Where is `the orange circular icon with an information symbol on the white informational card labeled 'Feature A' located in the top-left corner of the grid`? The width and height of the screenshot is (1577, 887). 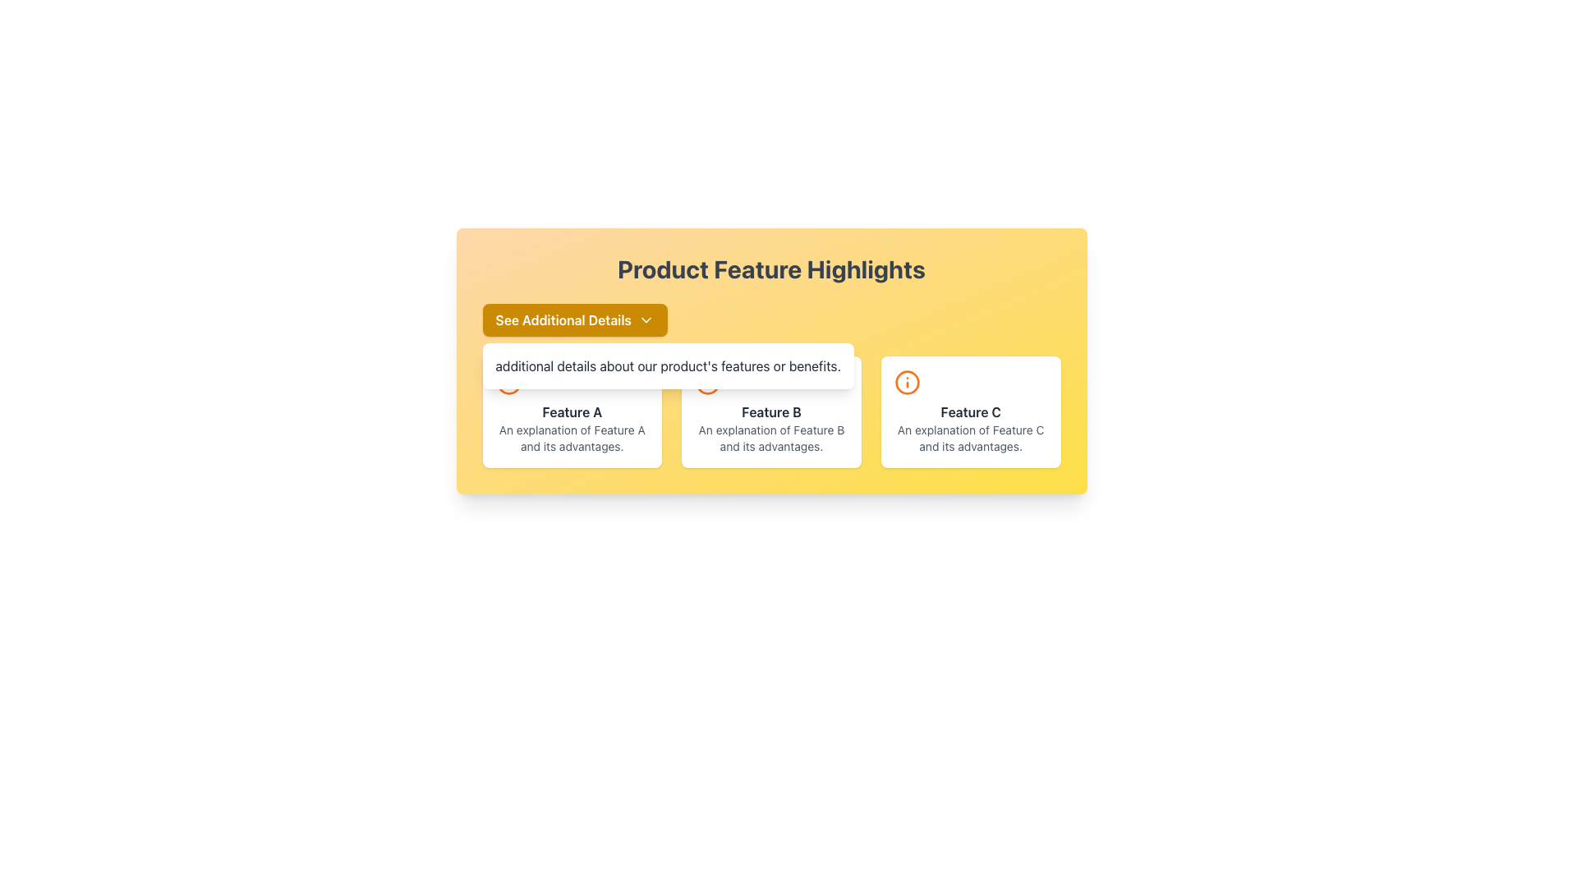 the orange circular icon with an information symbol on the white informational card labeled 'Feature A' located in the top-left corner of the grid is located at coordinates (572, 411).